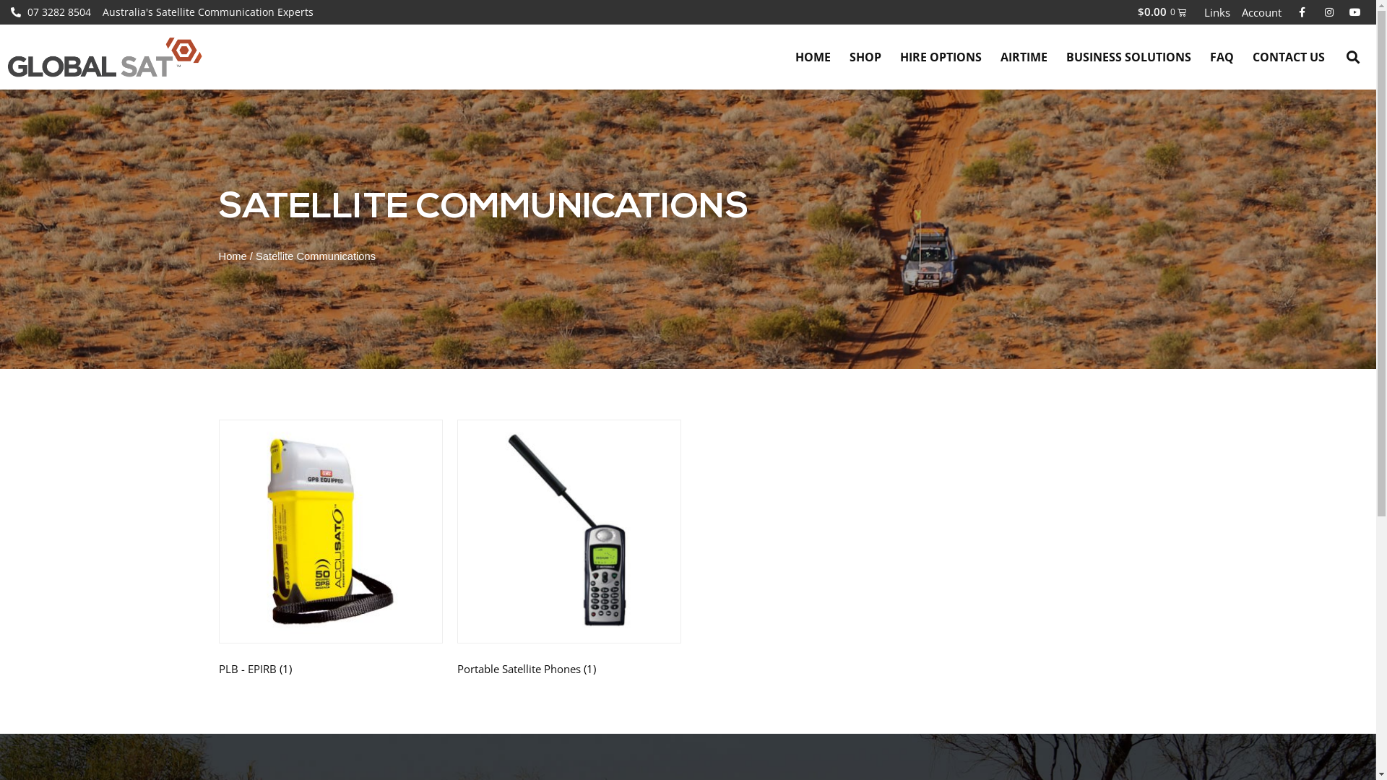 The width and height of the screenshot is (1387, 780). What do you see at coordinates (941, 56) in the screenshot?
I see `'HIRE OPTIONS'` at bounding box center [941, 56].